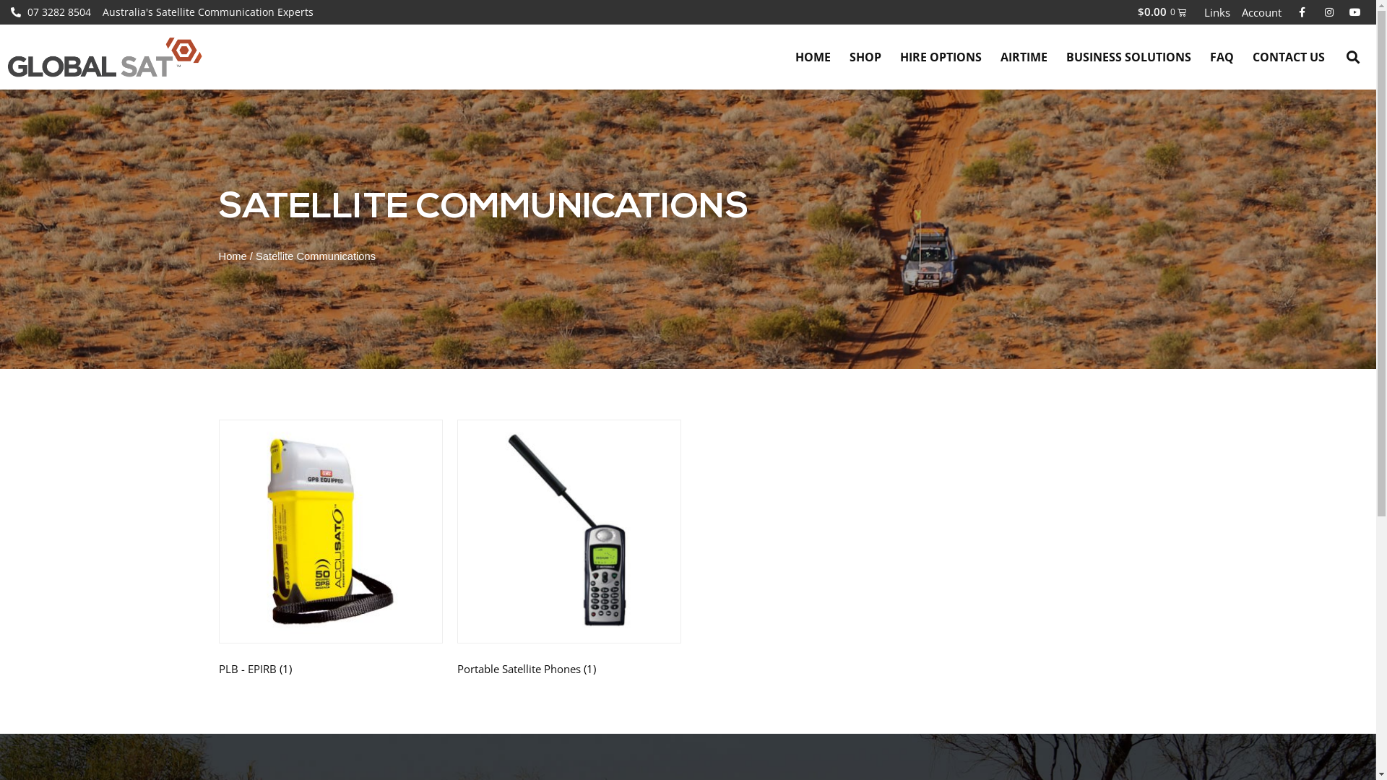 The width and height of the screenshot is (1387, 780). What do you see at coordinates (941, 56) in the screenshot?
I see `'HIRE OPTIONS'` at bounding box center [941, 56].